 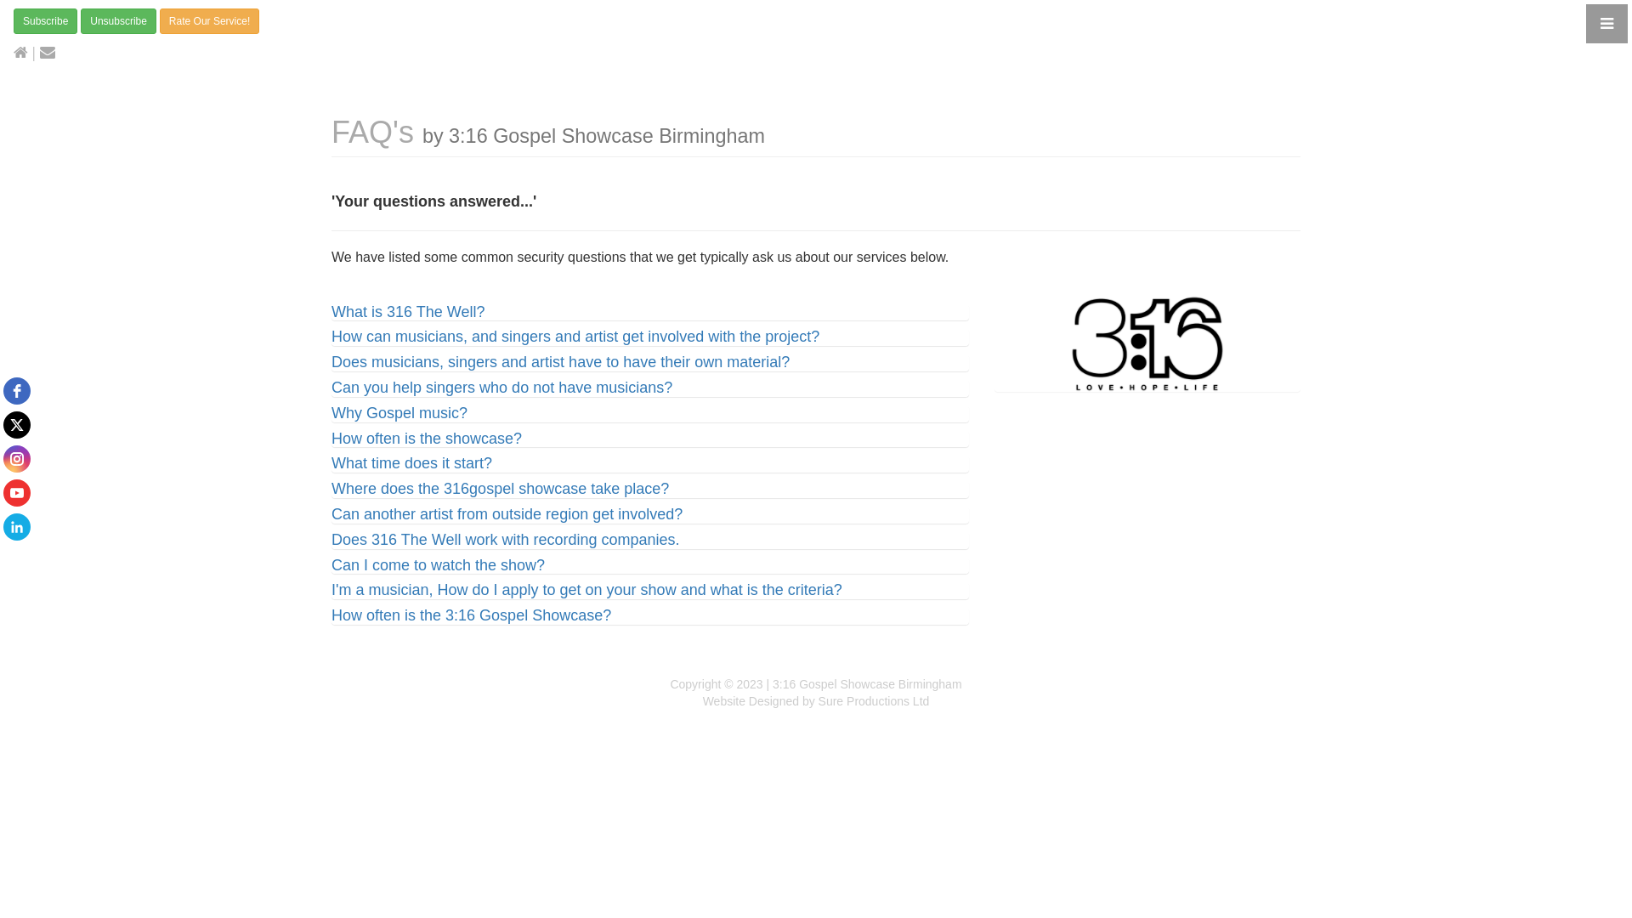 What do you see at coordinates (471, 615) in the screenshot?
I see `'How often is the 3:16 Gospel Showcase?'` at bounding box center [471, 615].